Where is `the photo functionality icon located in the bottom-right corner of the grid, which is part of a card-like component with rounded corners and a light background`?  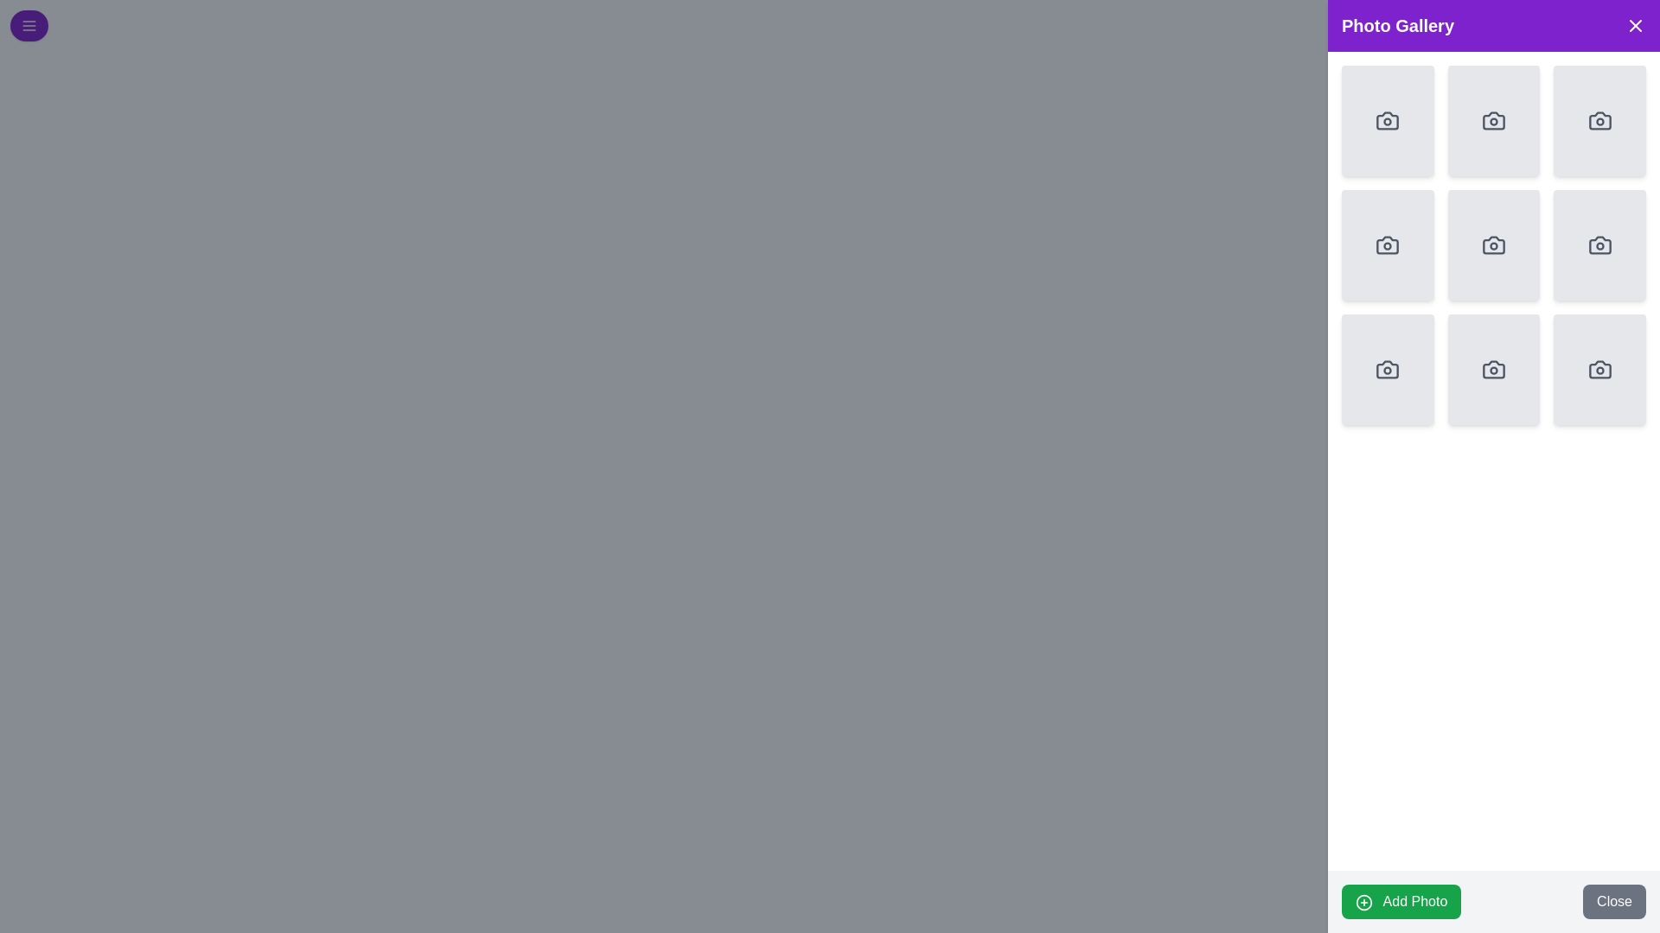
the photo functionality icon located in the bottom-right corner of the grid, which is part of a card-like component with rounded corners and a light background is located at coordinates (1599, 369).